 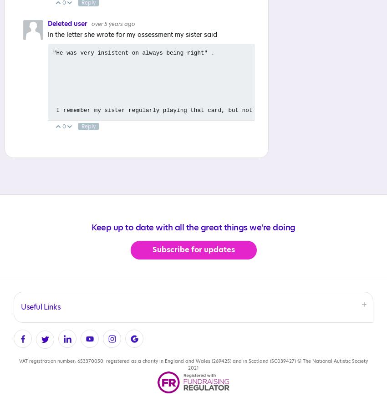 I want to click on 'Subscribe for updates', so click(x=193, y=250).